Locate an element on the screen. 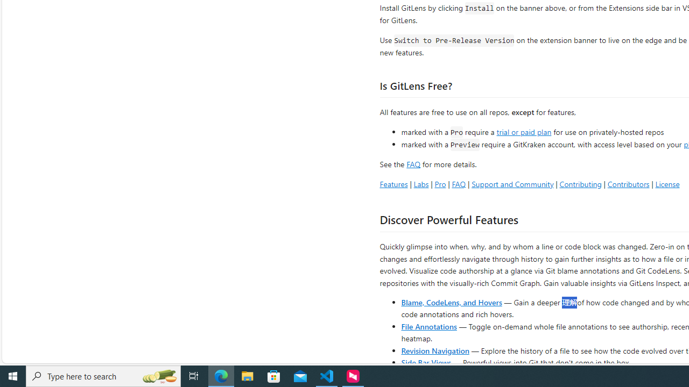 This screenshot has width=689, height=387. 'Contributing' is located at coordinates (580, 183).